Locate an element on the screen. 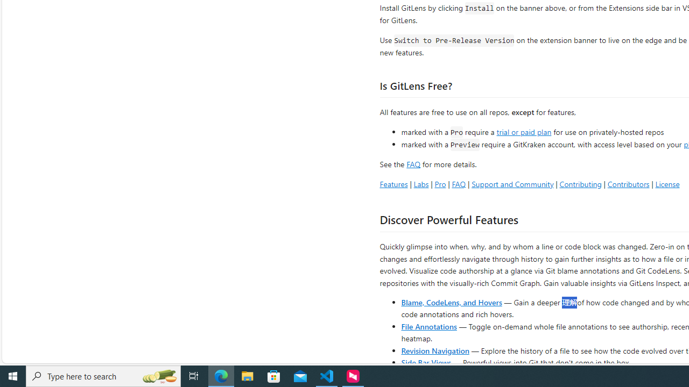 This screenshot has width=689, height=387. 'Contributing' is located at coordinates (580, 183).